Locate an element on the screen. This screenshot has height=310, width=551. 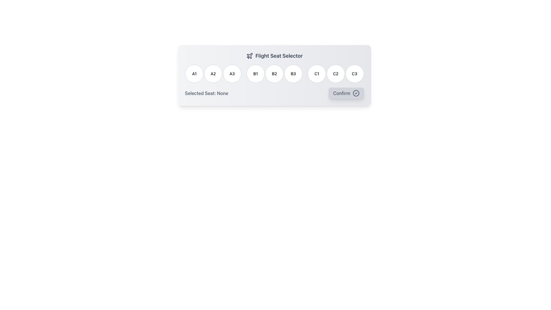
the selectable seat button labeled 'A1' in the flight seat selector interface is located at coordinates (194, 73).